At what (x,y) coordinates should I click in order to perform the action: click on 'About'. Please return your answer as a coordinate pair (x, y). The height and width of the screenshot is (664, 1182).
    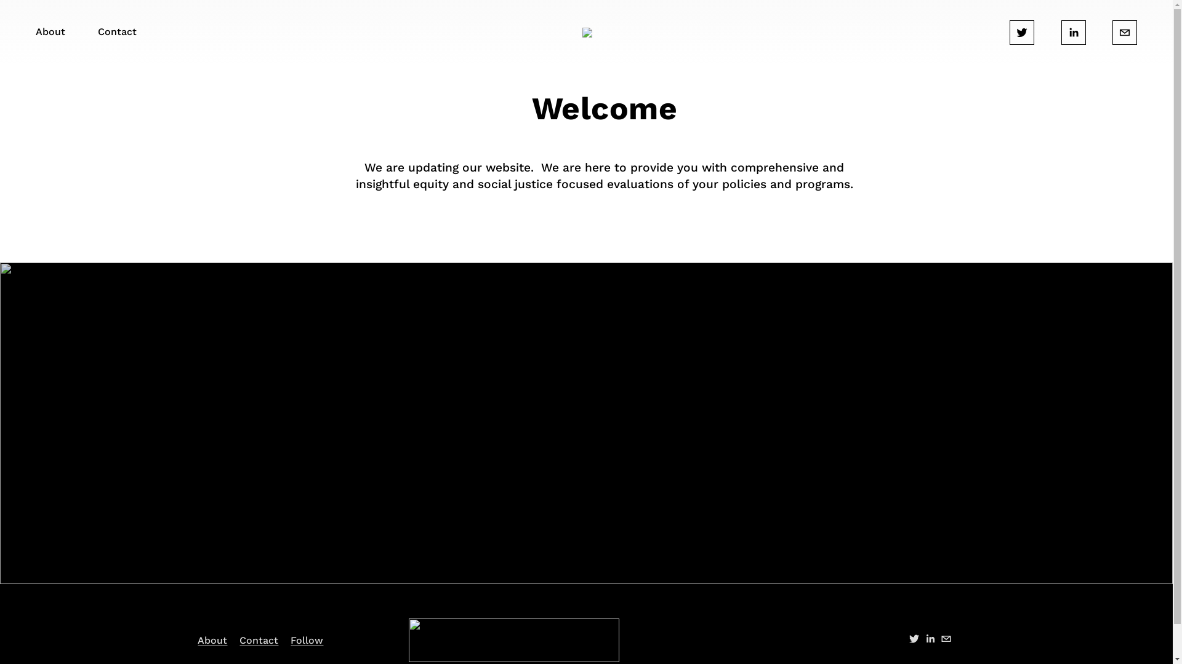
    Looking at the image, I should click on (198, 639).